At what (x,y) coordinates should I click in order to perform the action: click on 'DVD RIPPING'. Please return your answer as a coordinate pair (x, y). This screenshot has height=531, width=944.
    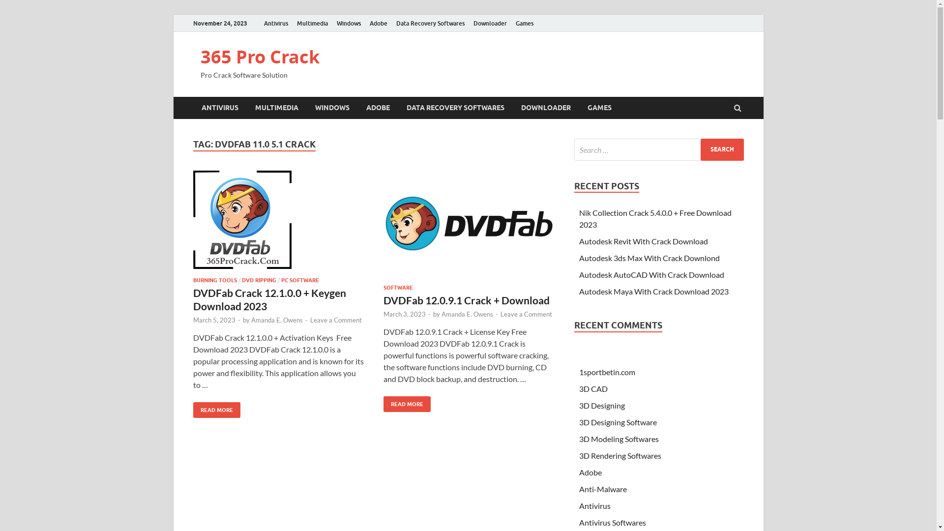
    Looking at the image, I should click on (259, 280).